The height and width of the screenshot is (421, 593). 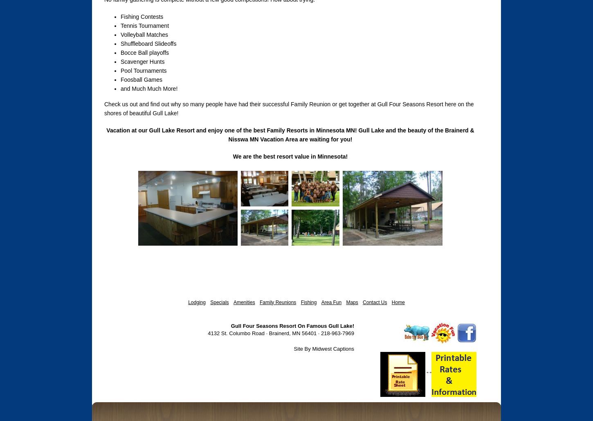 I want to click on 'Tennis Tournament', so click(x=120, y=26).